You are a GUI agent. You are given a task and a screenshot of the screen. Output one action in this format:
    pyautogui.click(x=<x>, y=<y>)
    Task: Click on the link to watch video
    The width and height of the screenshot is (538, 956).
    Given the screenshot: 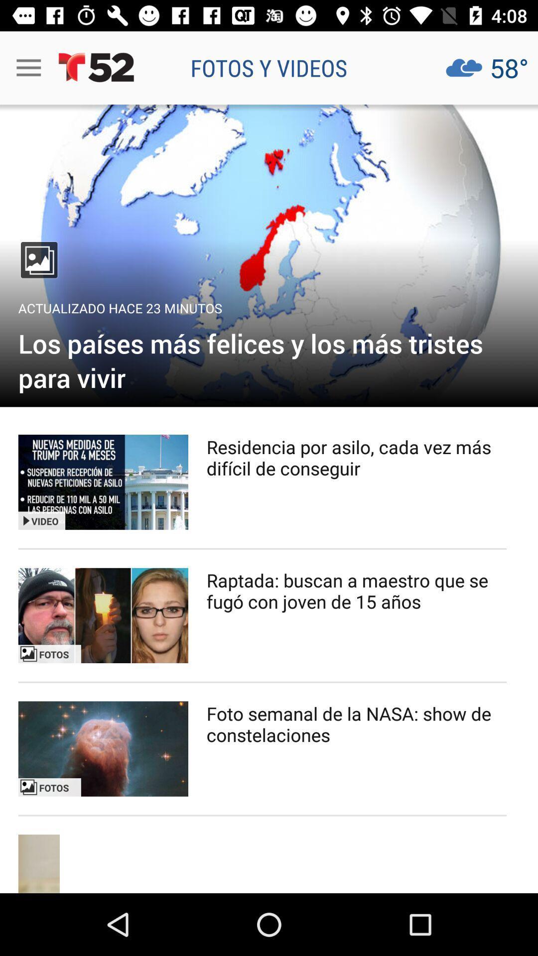 What is the action you would take?
    pyautogui.click(x=103, y=615)
    